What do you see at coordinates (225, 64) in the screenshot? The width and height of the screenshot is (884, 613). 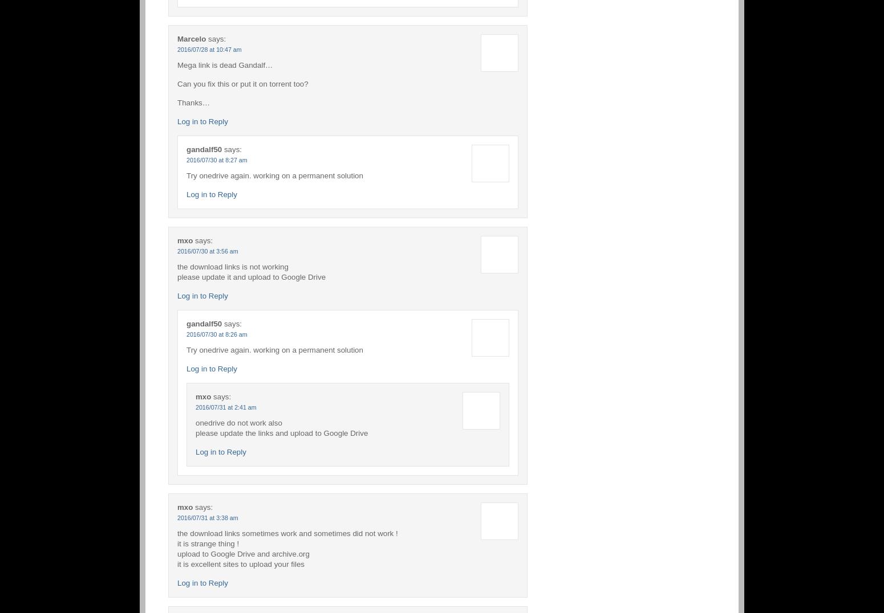 I see `'Mega link is dead Gandalf…'` at bounding box center [225, 64].